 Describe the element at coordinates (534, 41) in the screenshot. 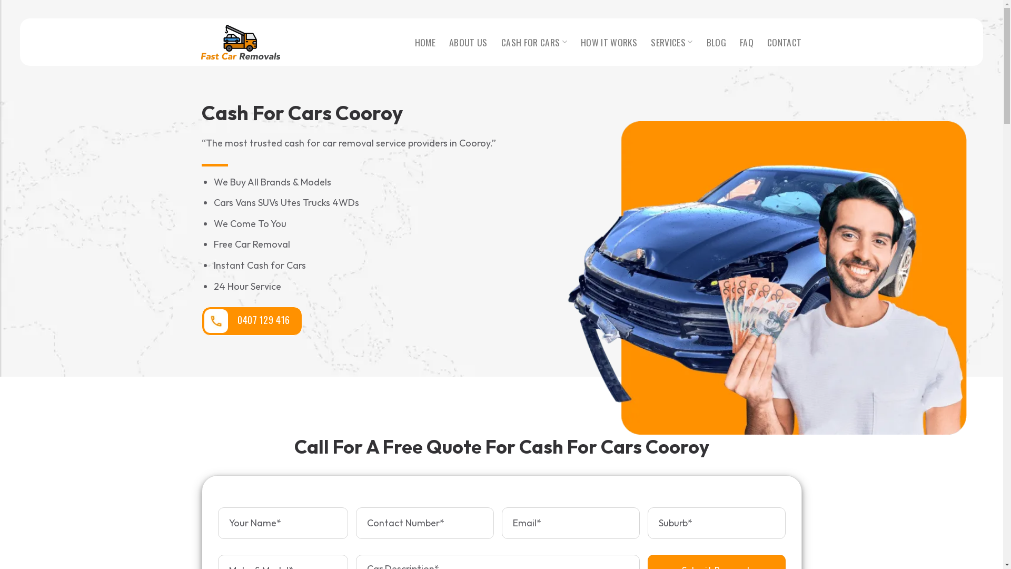

I see `'CASH FOR CARS'` at that location.